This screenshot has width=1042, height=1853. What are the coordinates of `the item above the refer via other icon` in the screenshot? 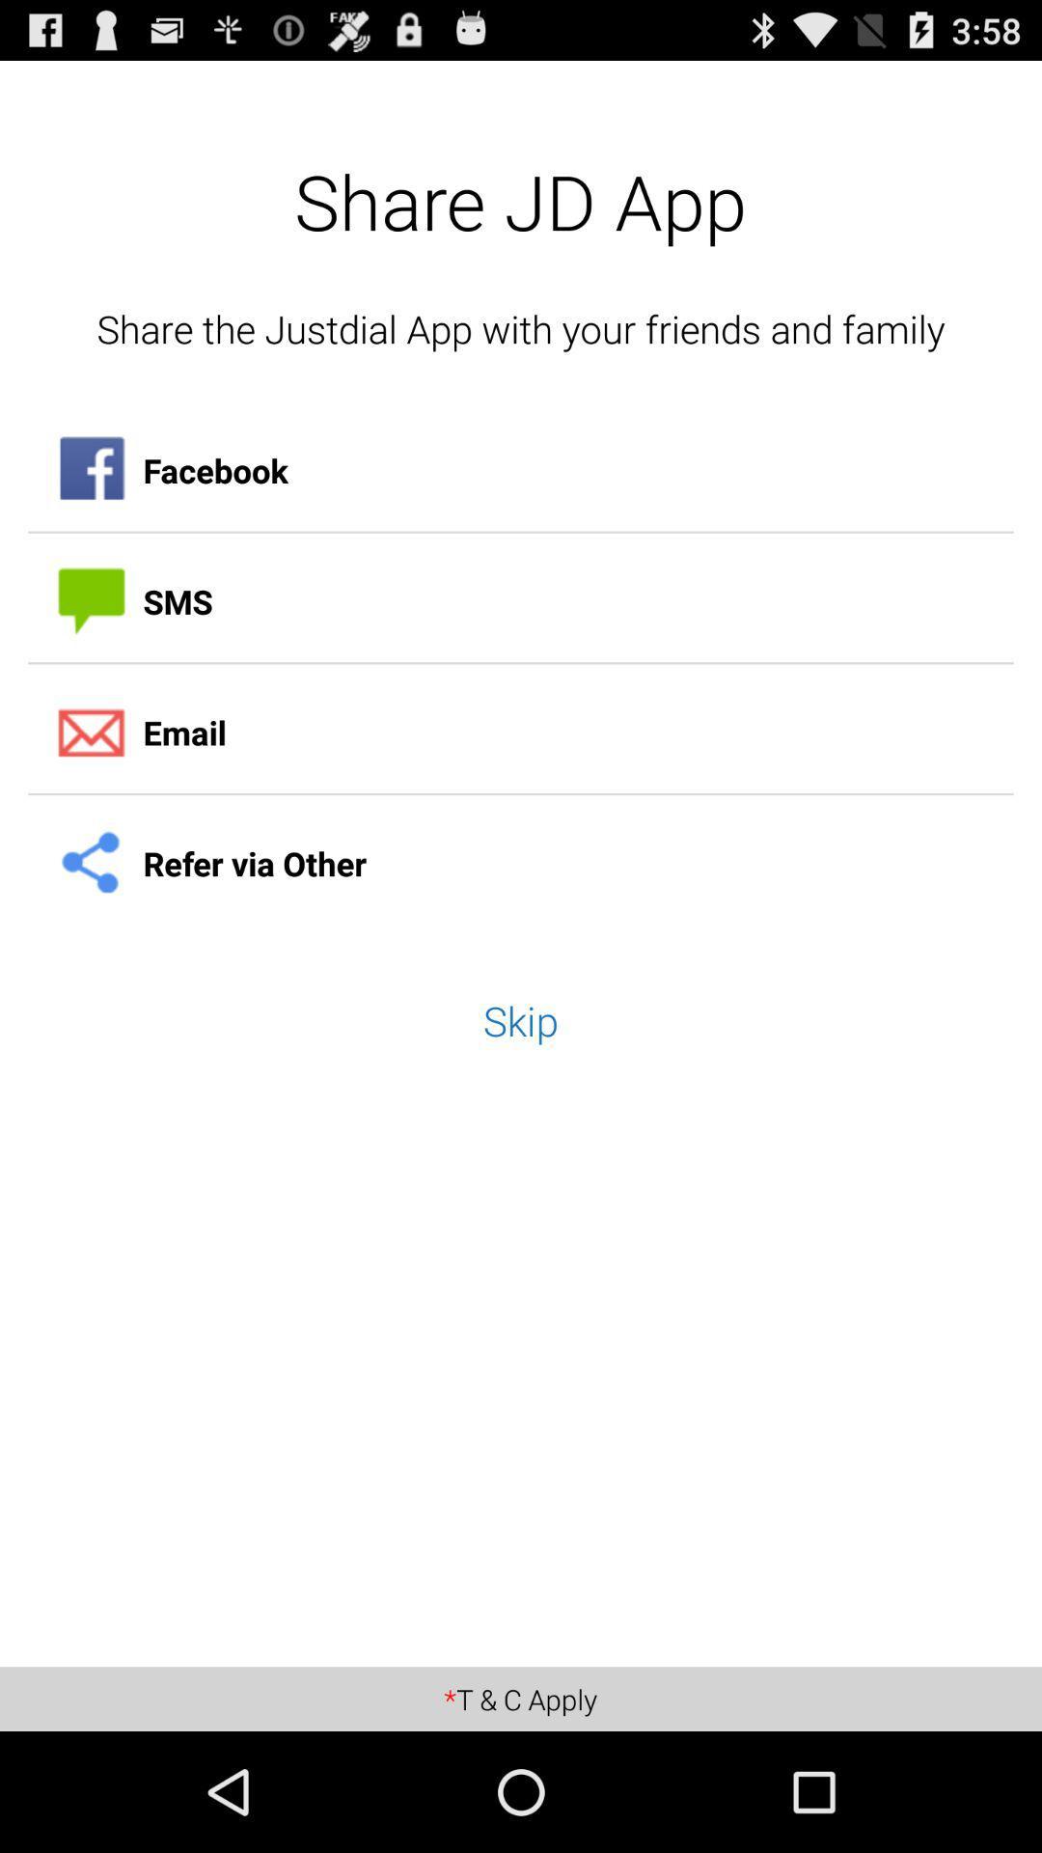 It's located at (521, 732).